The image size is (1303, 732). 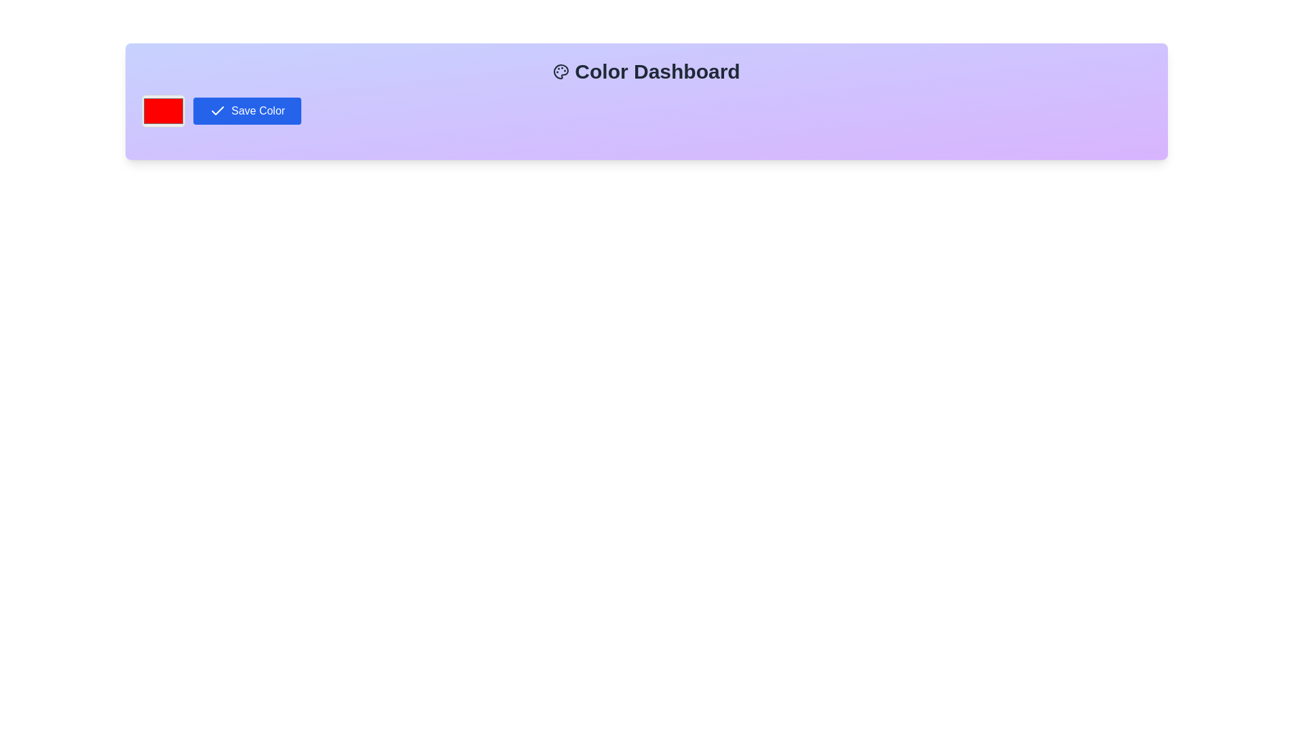 I want to click on the decorative icon associated with the 'Color Dashboard' heading, so click(x=561, y=71).